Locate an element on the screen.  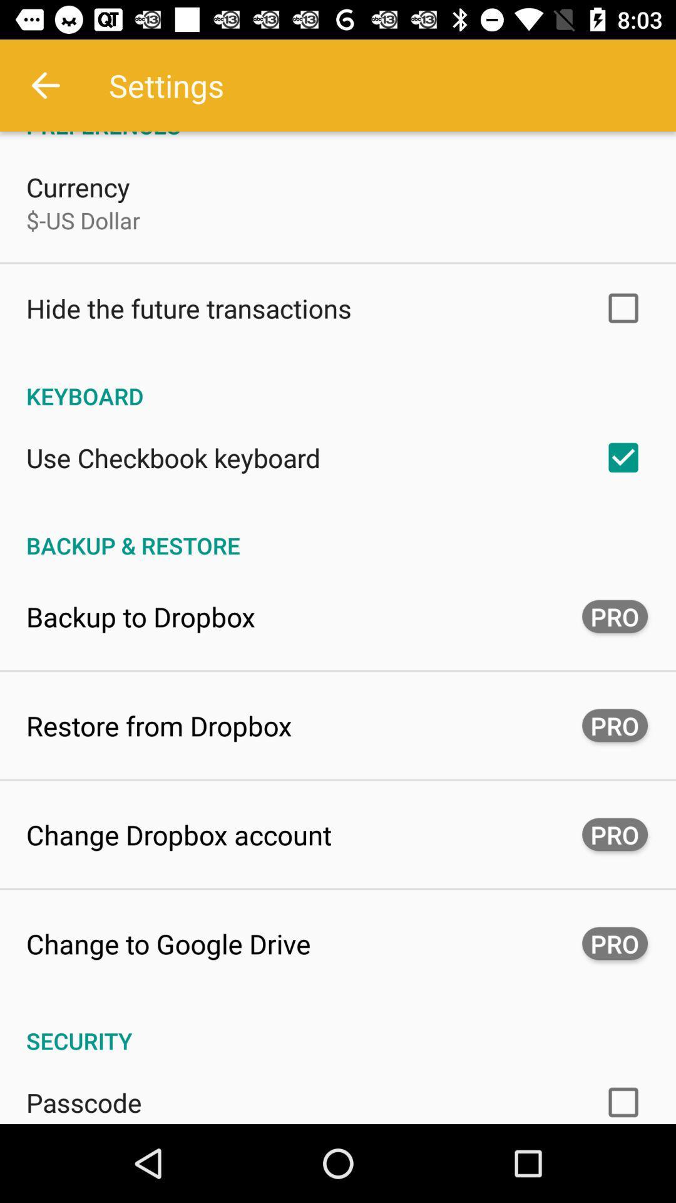
the app above the preferences app is located at coordinates (45, 85).